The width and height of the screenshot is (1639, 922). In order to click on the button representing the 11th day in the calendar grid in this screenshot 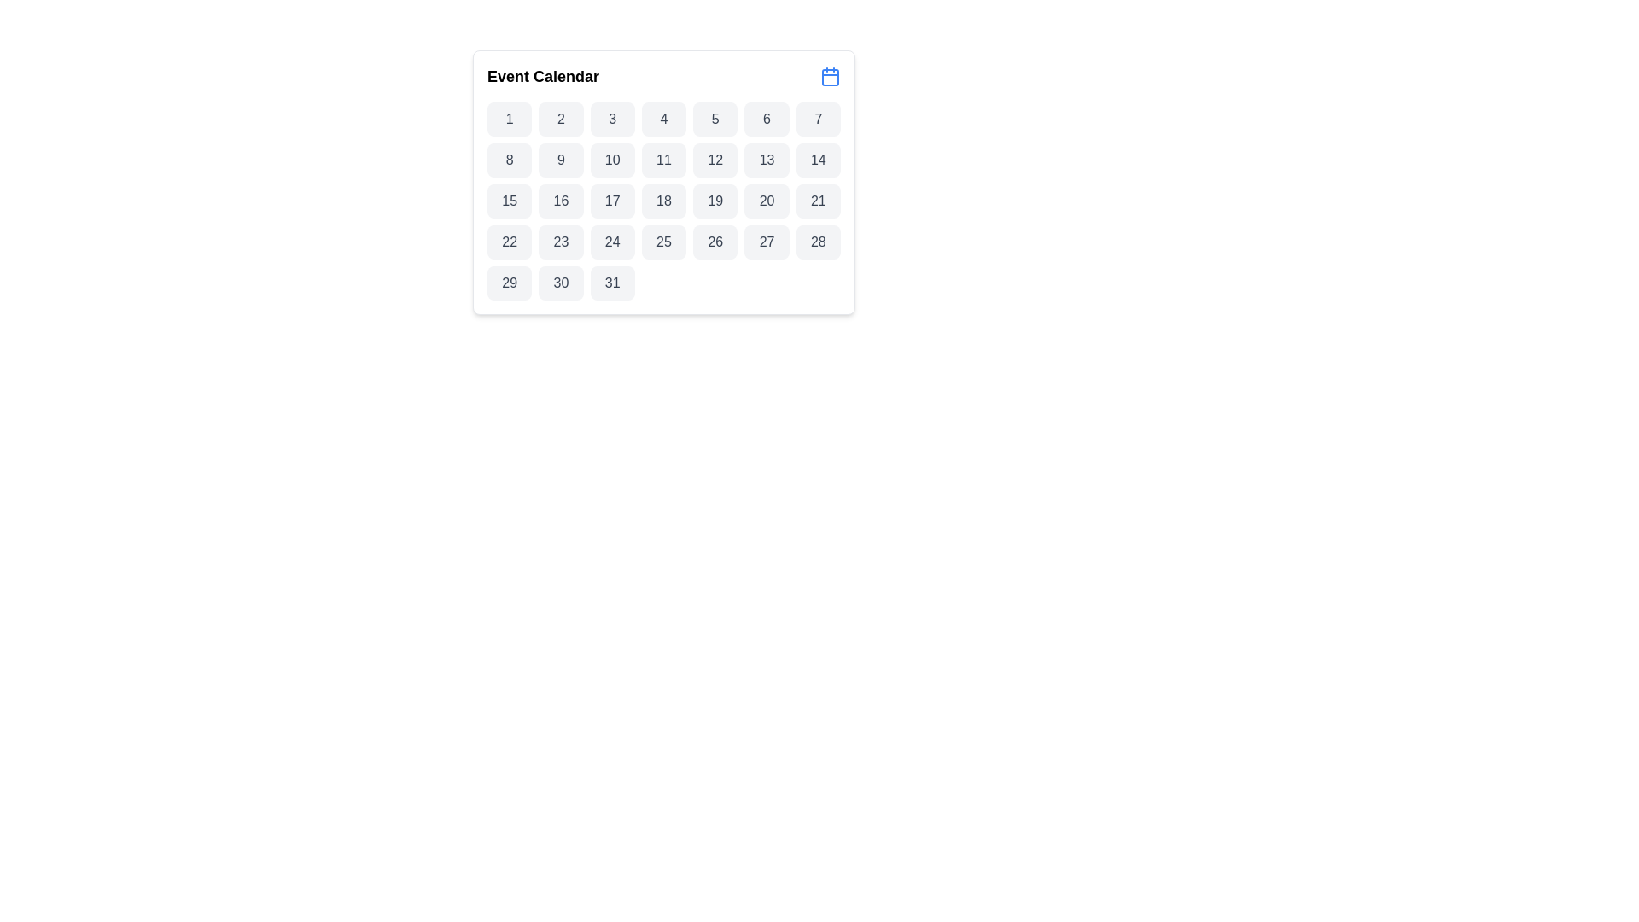, I will do `click(662, 160)`.